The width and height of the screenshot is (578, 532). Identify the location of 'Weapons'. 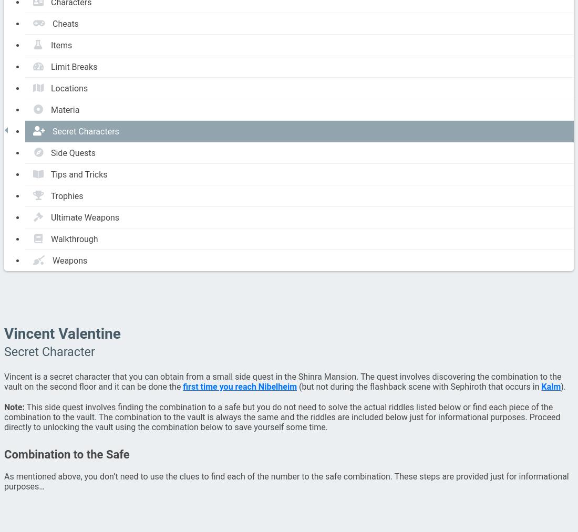
(52, 259).